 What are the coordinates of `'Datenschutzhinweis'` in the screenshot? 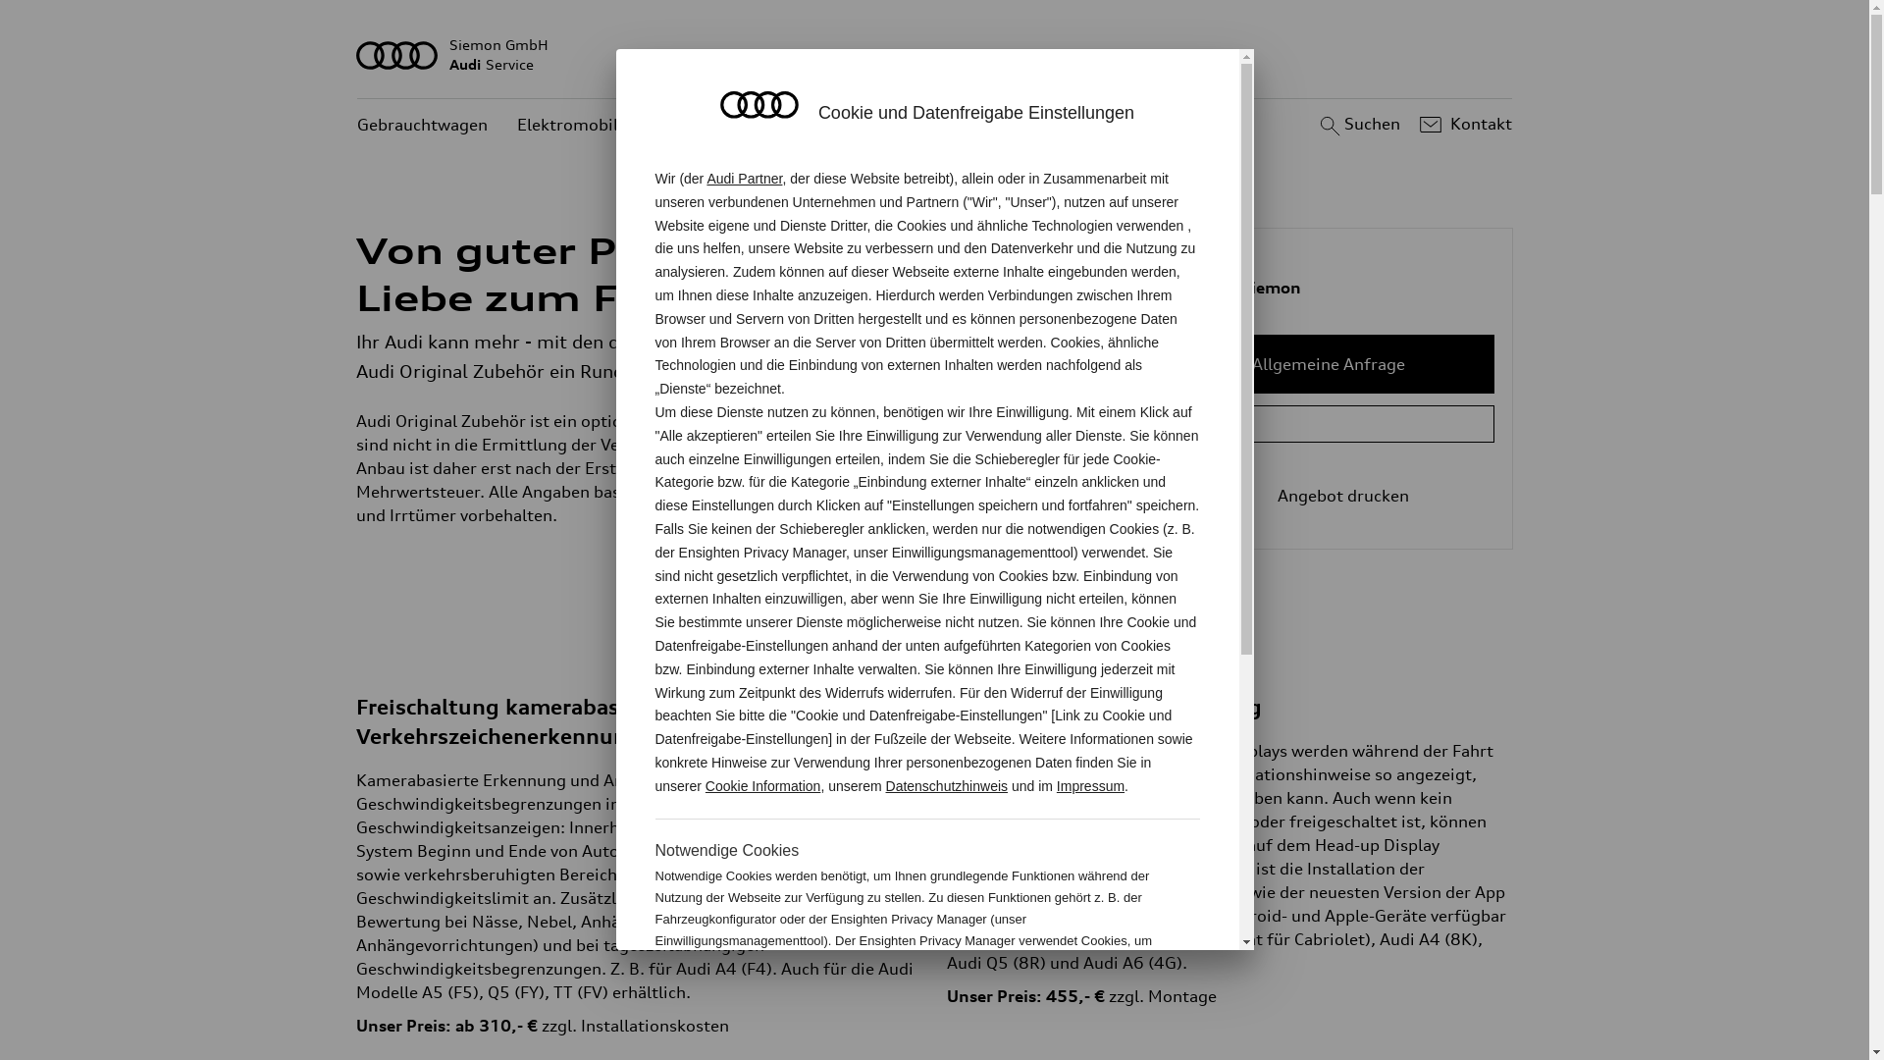 It's located at (947, 785).